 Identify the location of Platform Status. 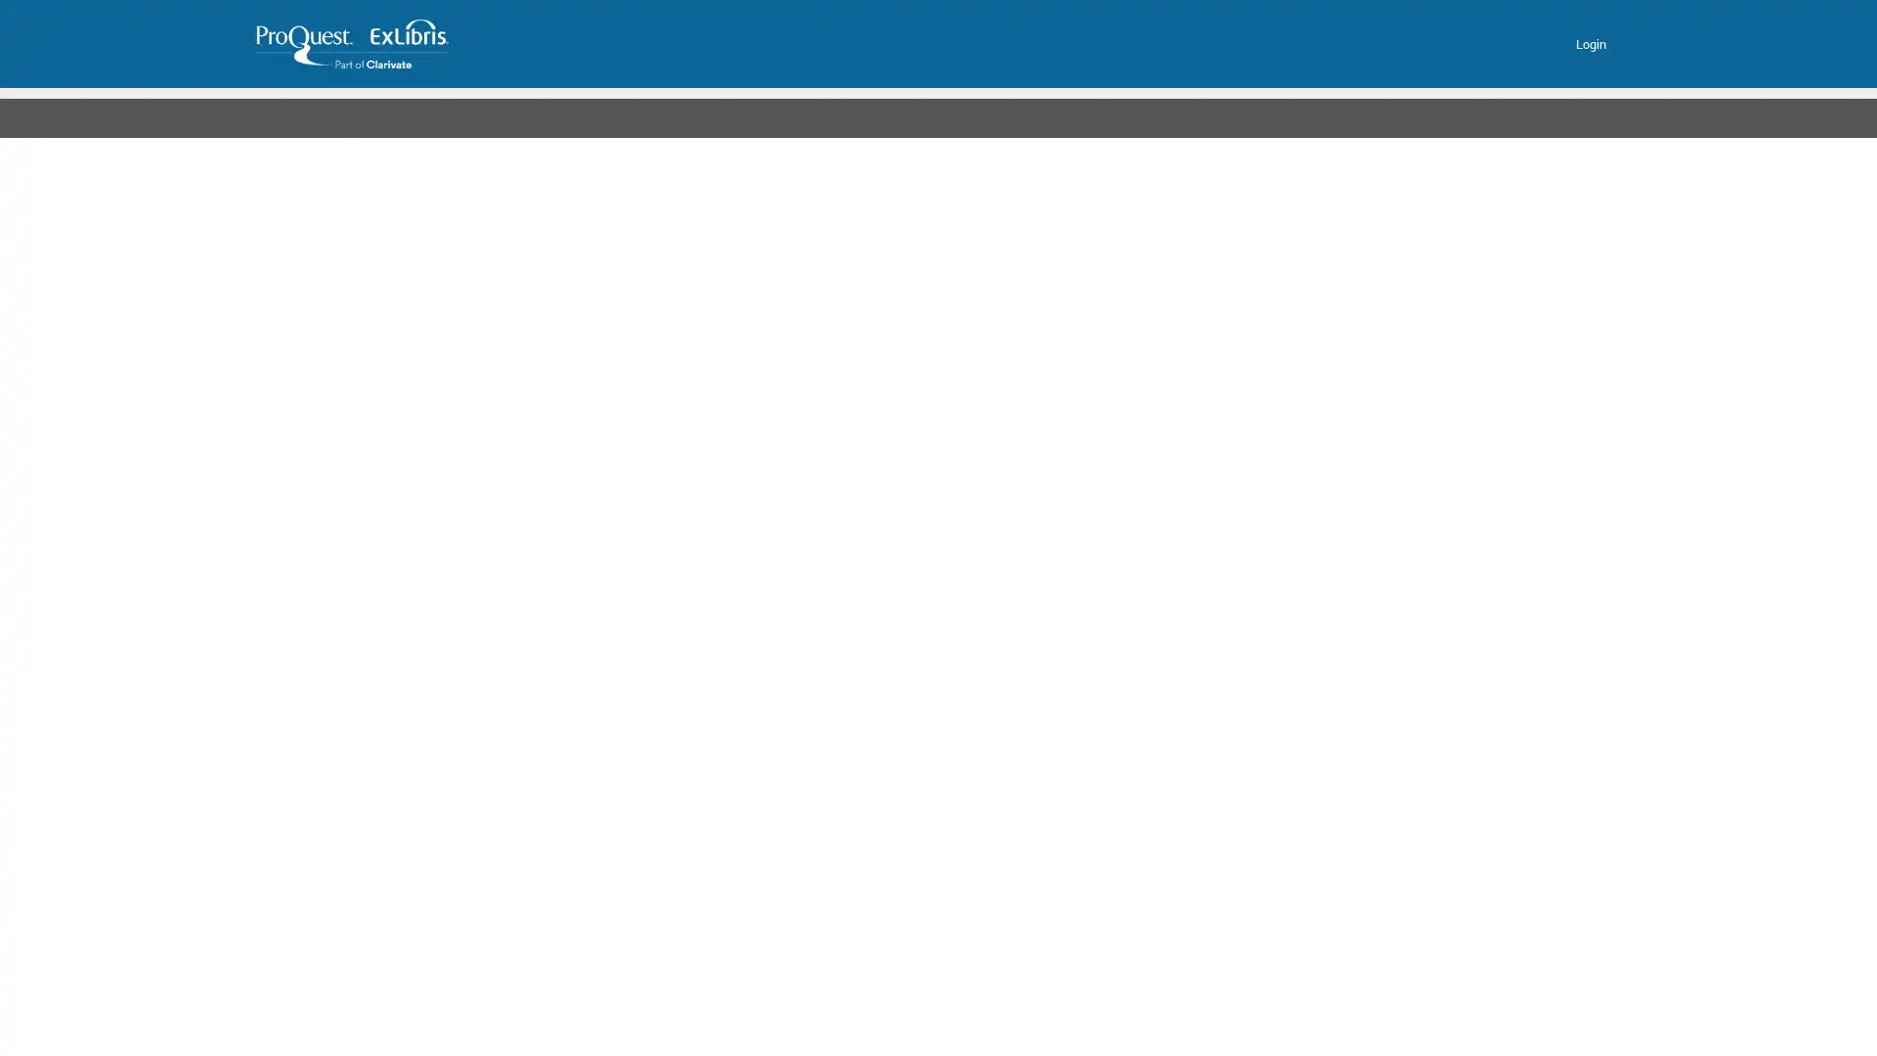
(722, 111).